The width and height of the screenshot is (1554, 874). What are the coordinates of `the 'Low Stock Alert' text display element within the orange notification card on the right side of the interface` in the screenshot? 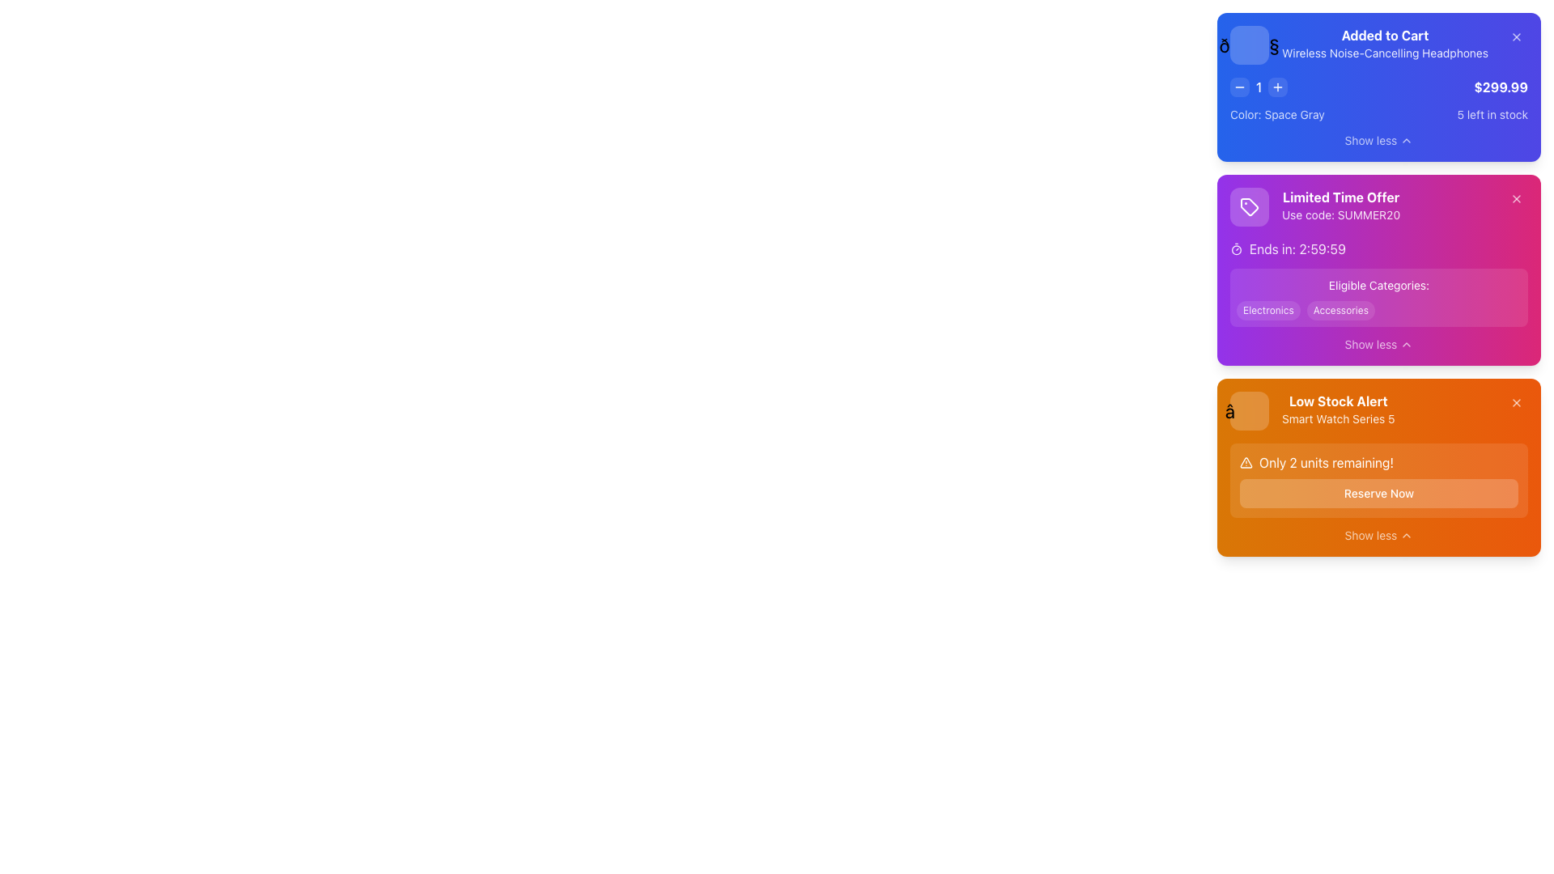 It's located at (1378, 410).